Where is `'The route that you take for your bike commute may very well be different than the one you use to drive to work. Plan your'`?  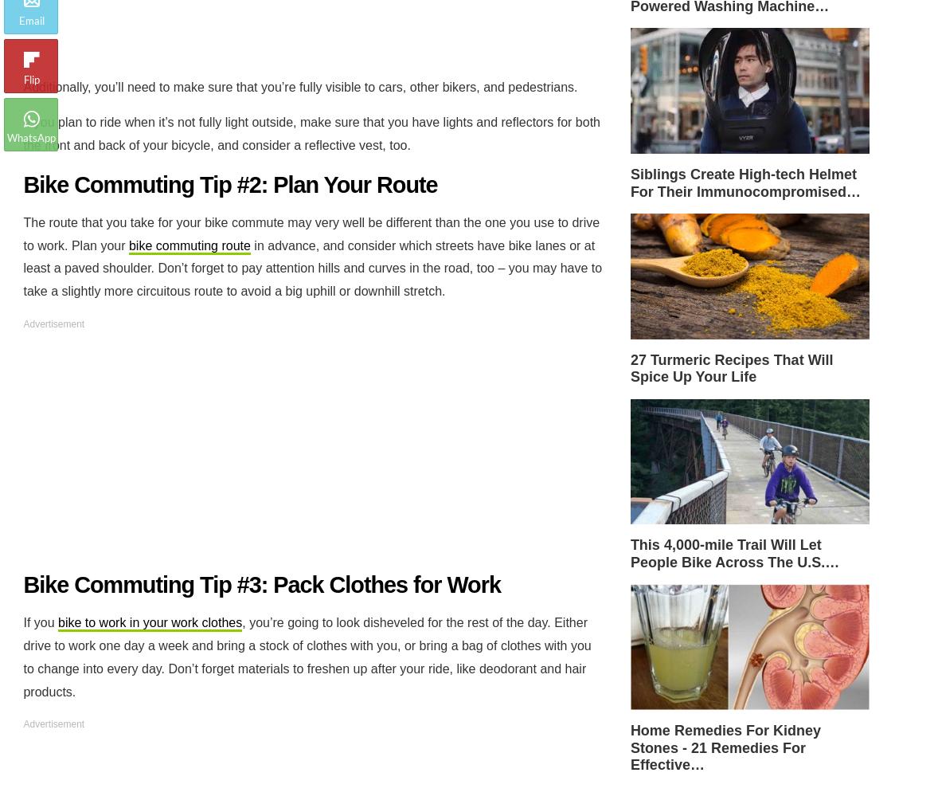 'The route that you take for your bike commute may very well be different than the one you use to drive to work. Plan your' is located at coordinates (311, 233).